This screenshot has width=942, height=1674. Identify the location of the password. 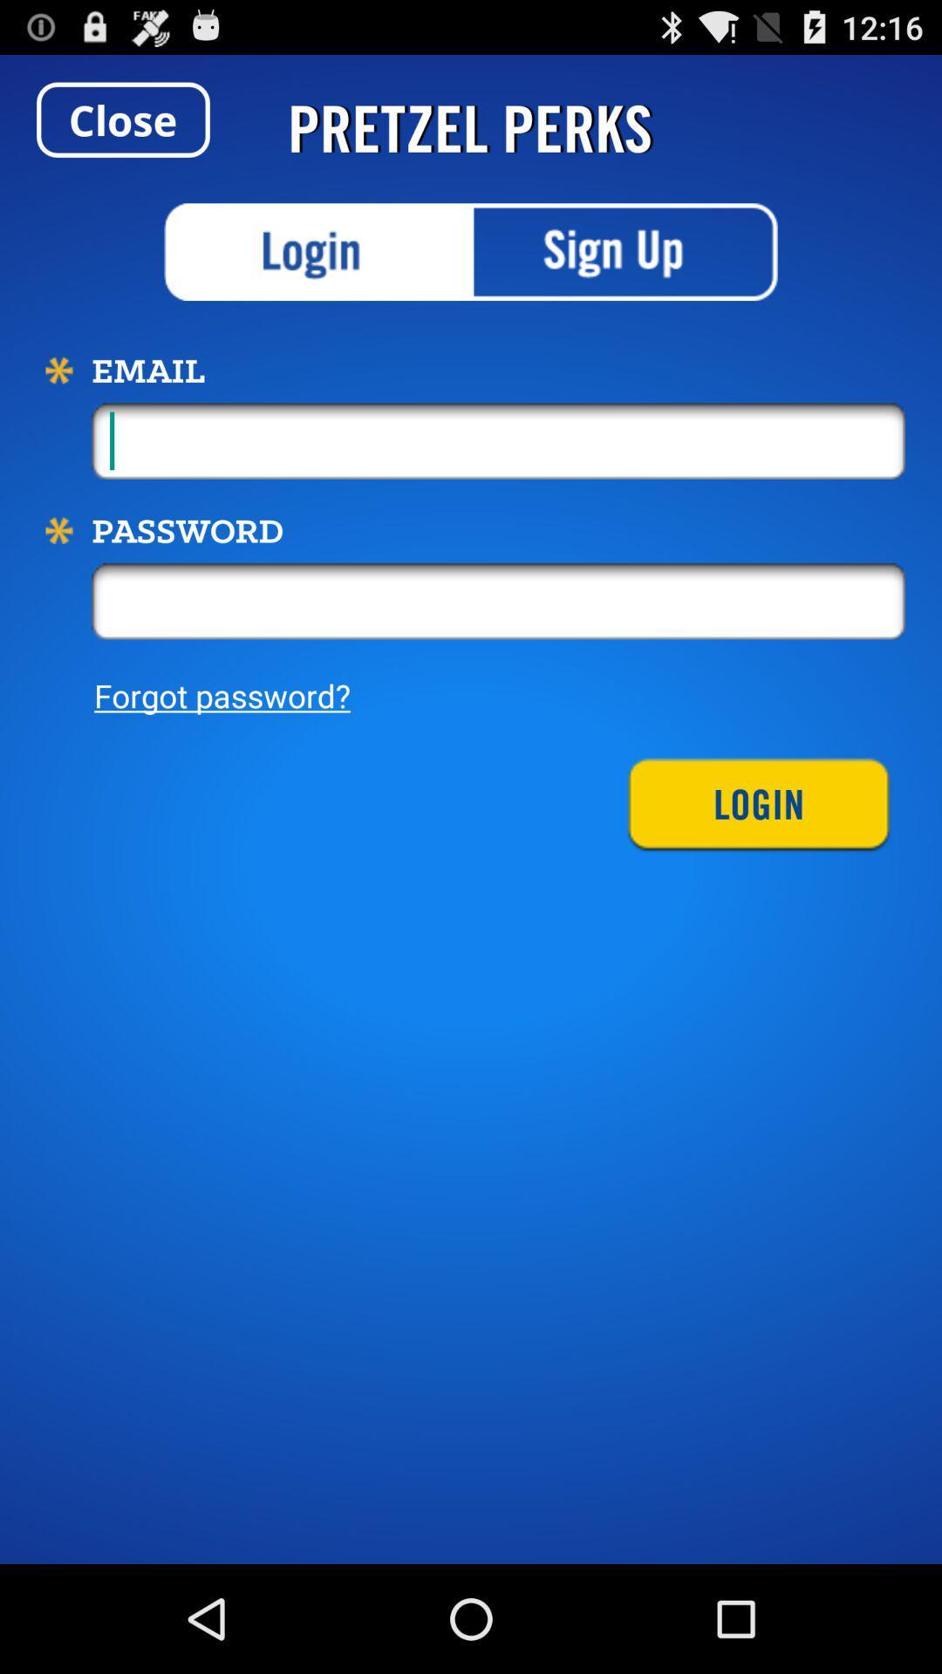
(498, 601).